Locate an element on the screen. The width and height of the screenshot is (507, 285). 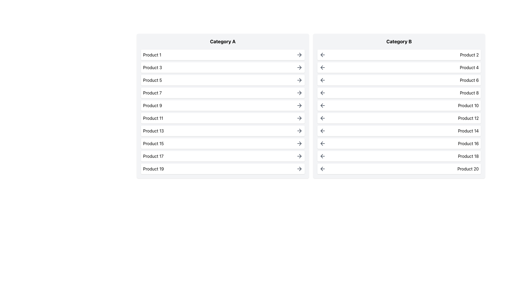
the arrow icon located at the far-right side of the list item labeled 'Product 9' in the 'Category A' section is located at coordinates (299, 106).